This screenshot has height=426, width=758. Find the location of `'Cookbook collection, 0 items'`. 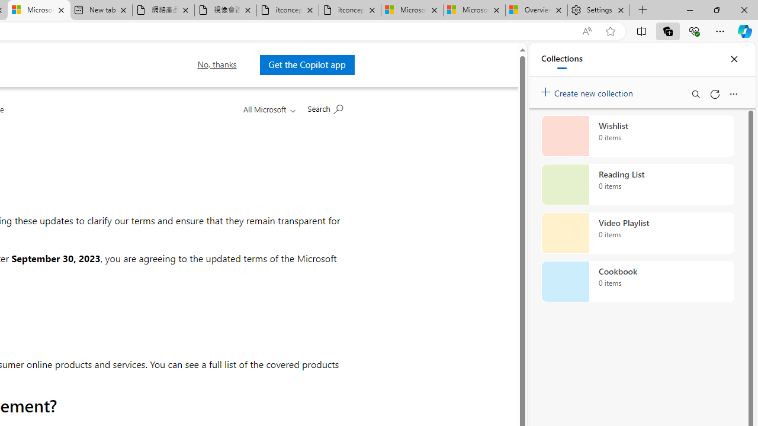

'Cookbook collection, 0 items' is located at coordinates (637, 281).